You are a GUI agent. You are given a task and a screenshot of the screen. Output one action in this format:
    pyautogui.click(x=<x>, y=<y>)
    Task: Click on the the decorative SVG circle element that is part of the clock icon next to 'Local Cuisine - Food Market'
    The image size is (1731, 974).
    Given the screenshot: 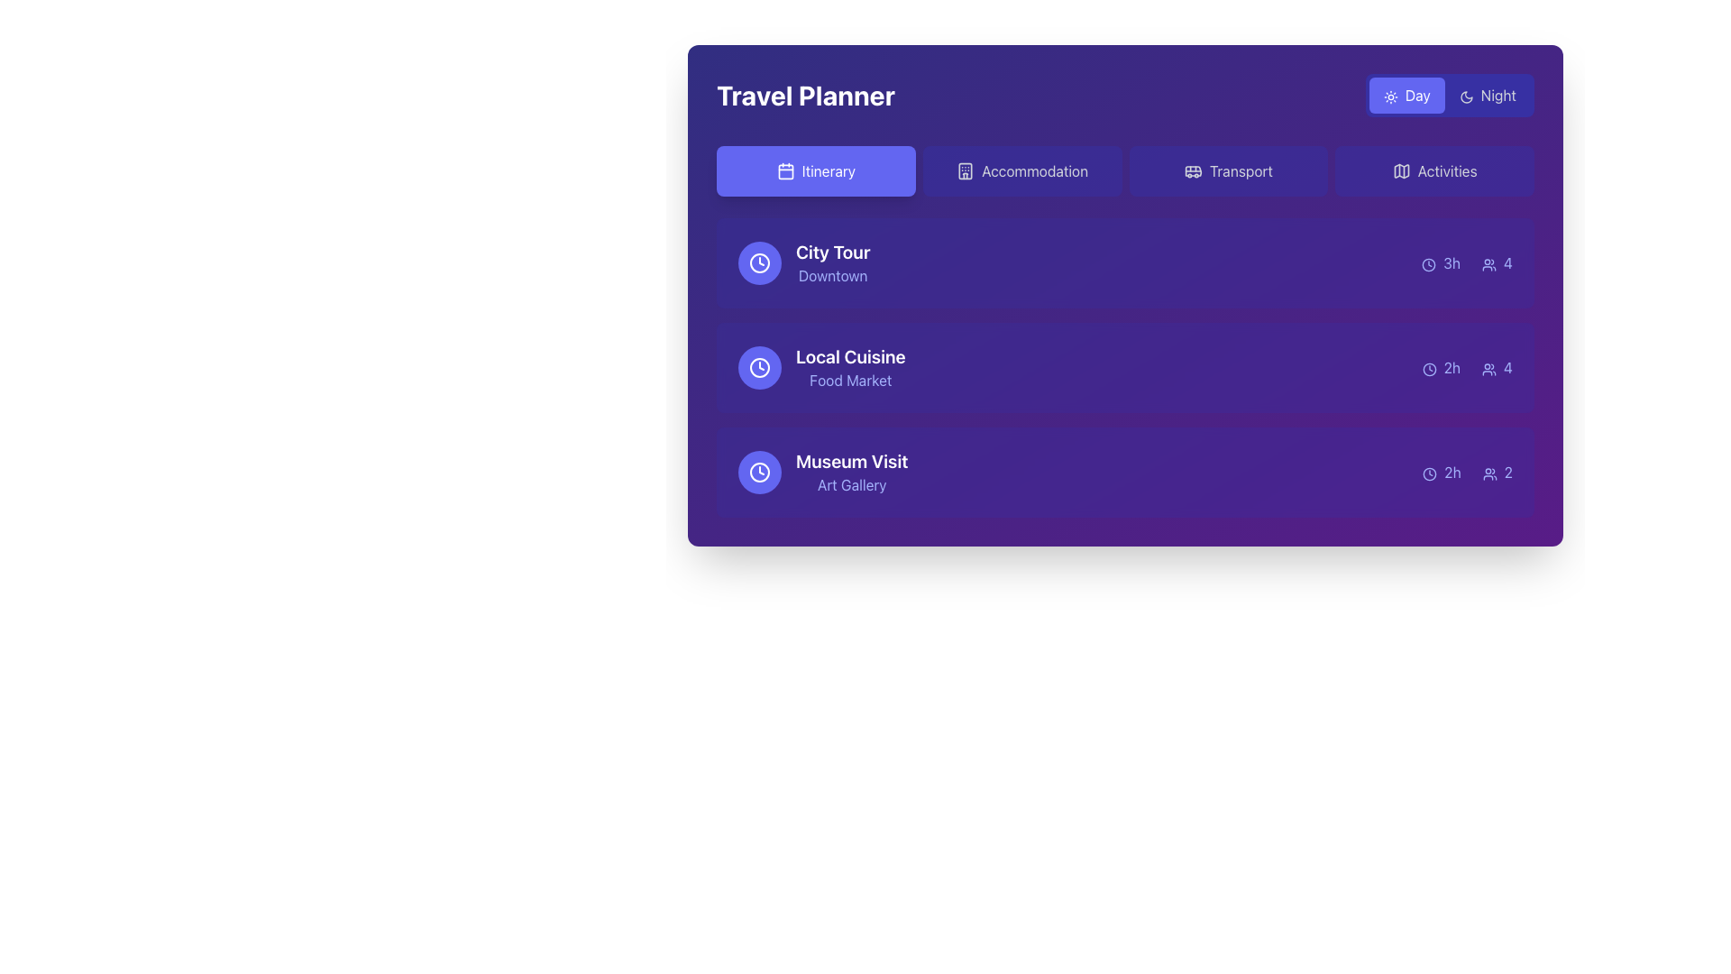 What is the action you would take?
    pyautogui.click(x=760, y=263)
    